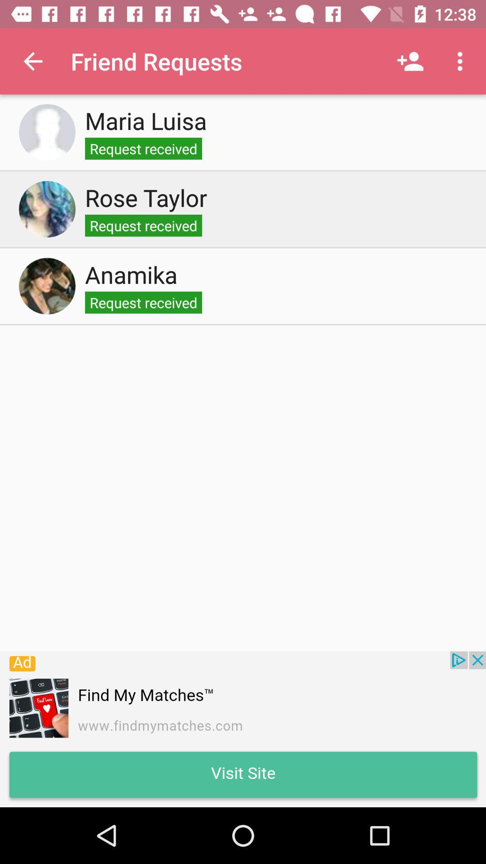  What do you see at coordinates (243, 729) in the screenshot?
I see `open advertisement` at bounding box center [243, 729].